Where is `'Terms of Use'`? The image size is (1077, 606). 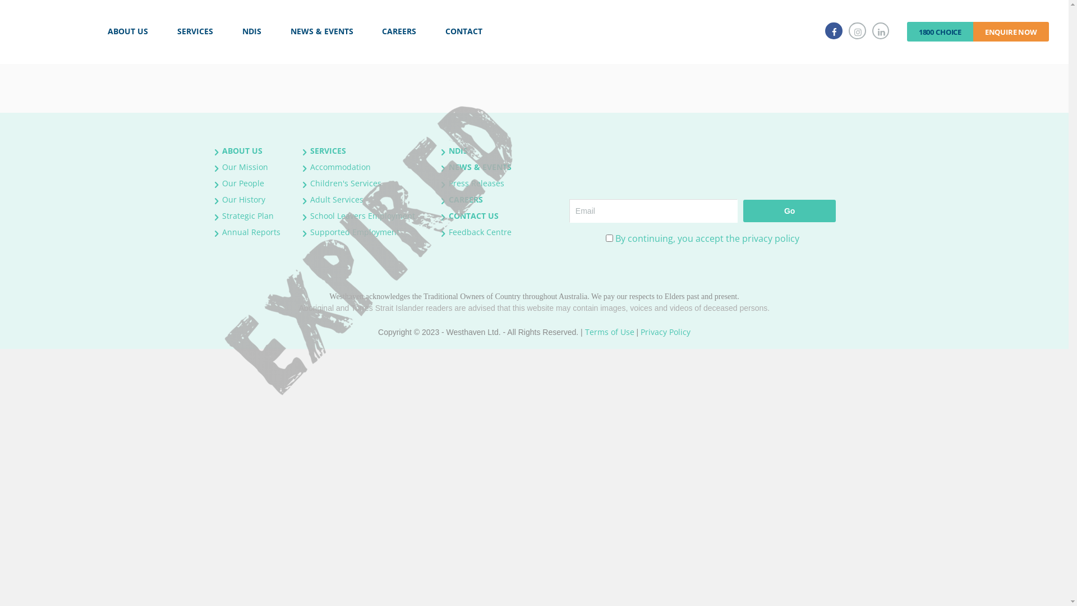 'Terms of Use' is located at coordinates (609, 331).